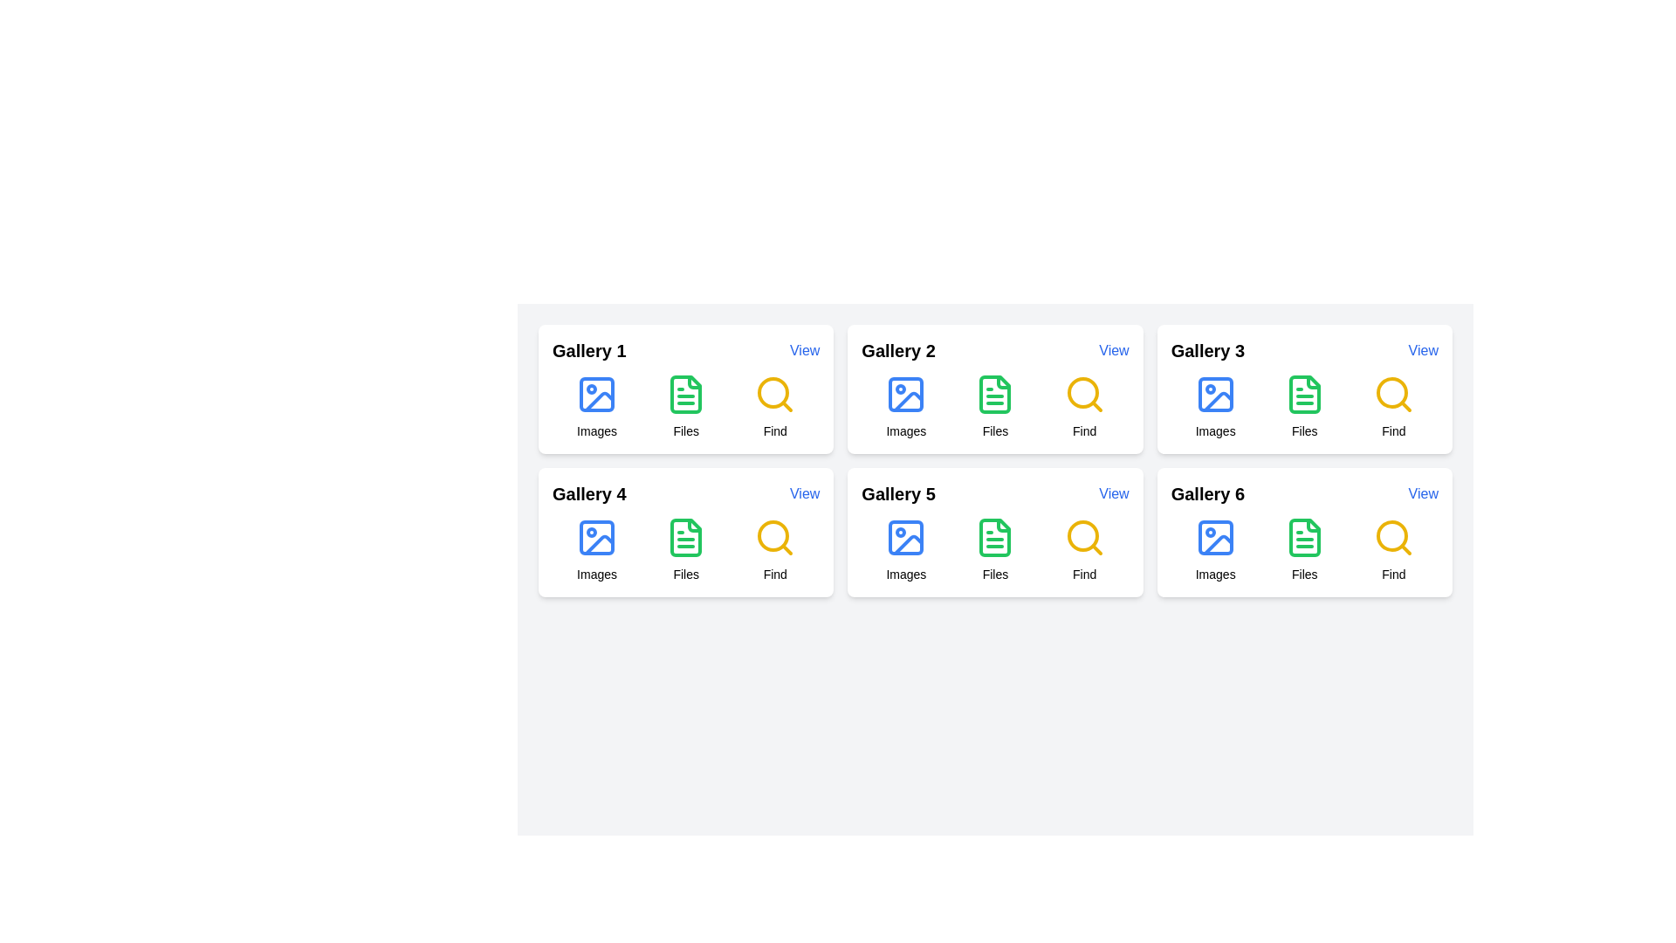 Image resolution: width=1676 pixels, height=943 pixels. Describe the element at coordinates (803, 350) in the screenshot. I see `the navigational link styled as a button to the right of the text 'Gallery 1'` at that location.